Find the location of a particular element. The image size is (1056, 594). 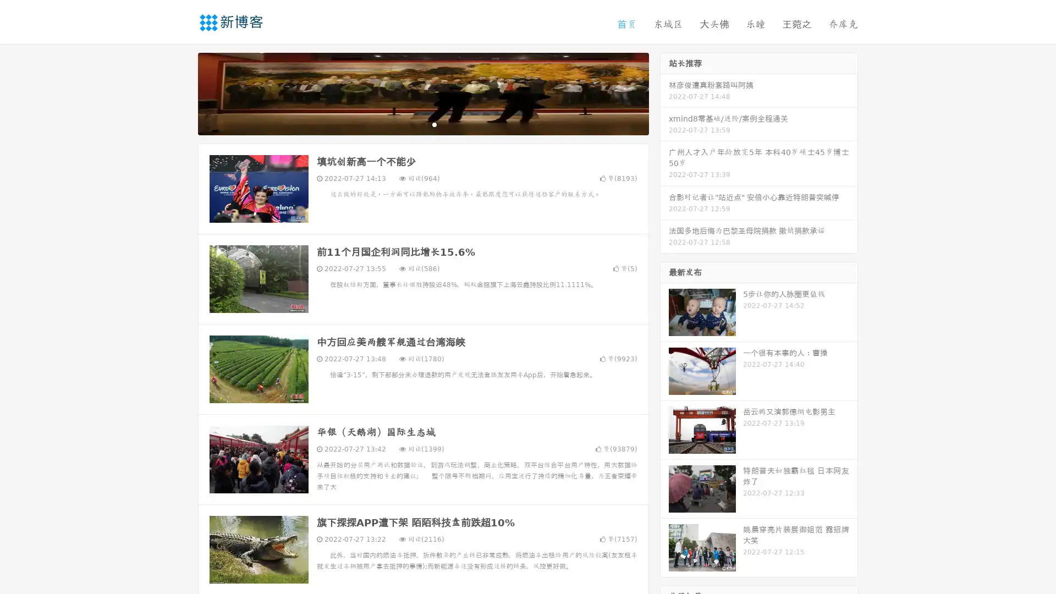

Previous slide is located at coordinates (182, 92).